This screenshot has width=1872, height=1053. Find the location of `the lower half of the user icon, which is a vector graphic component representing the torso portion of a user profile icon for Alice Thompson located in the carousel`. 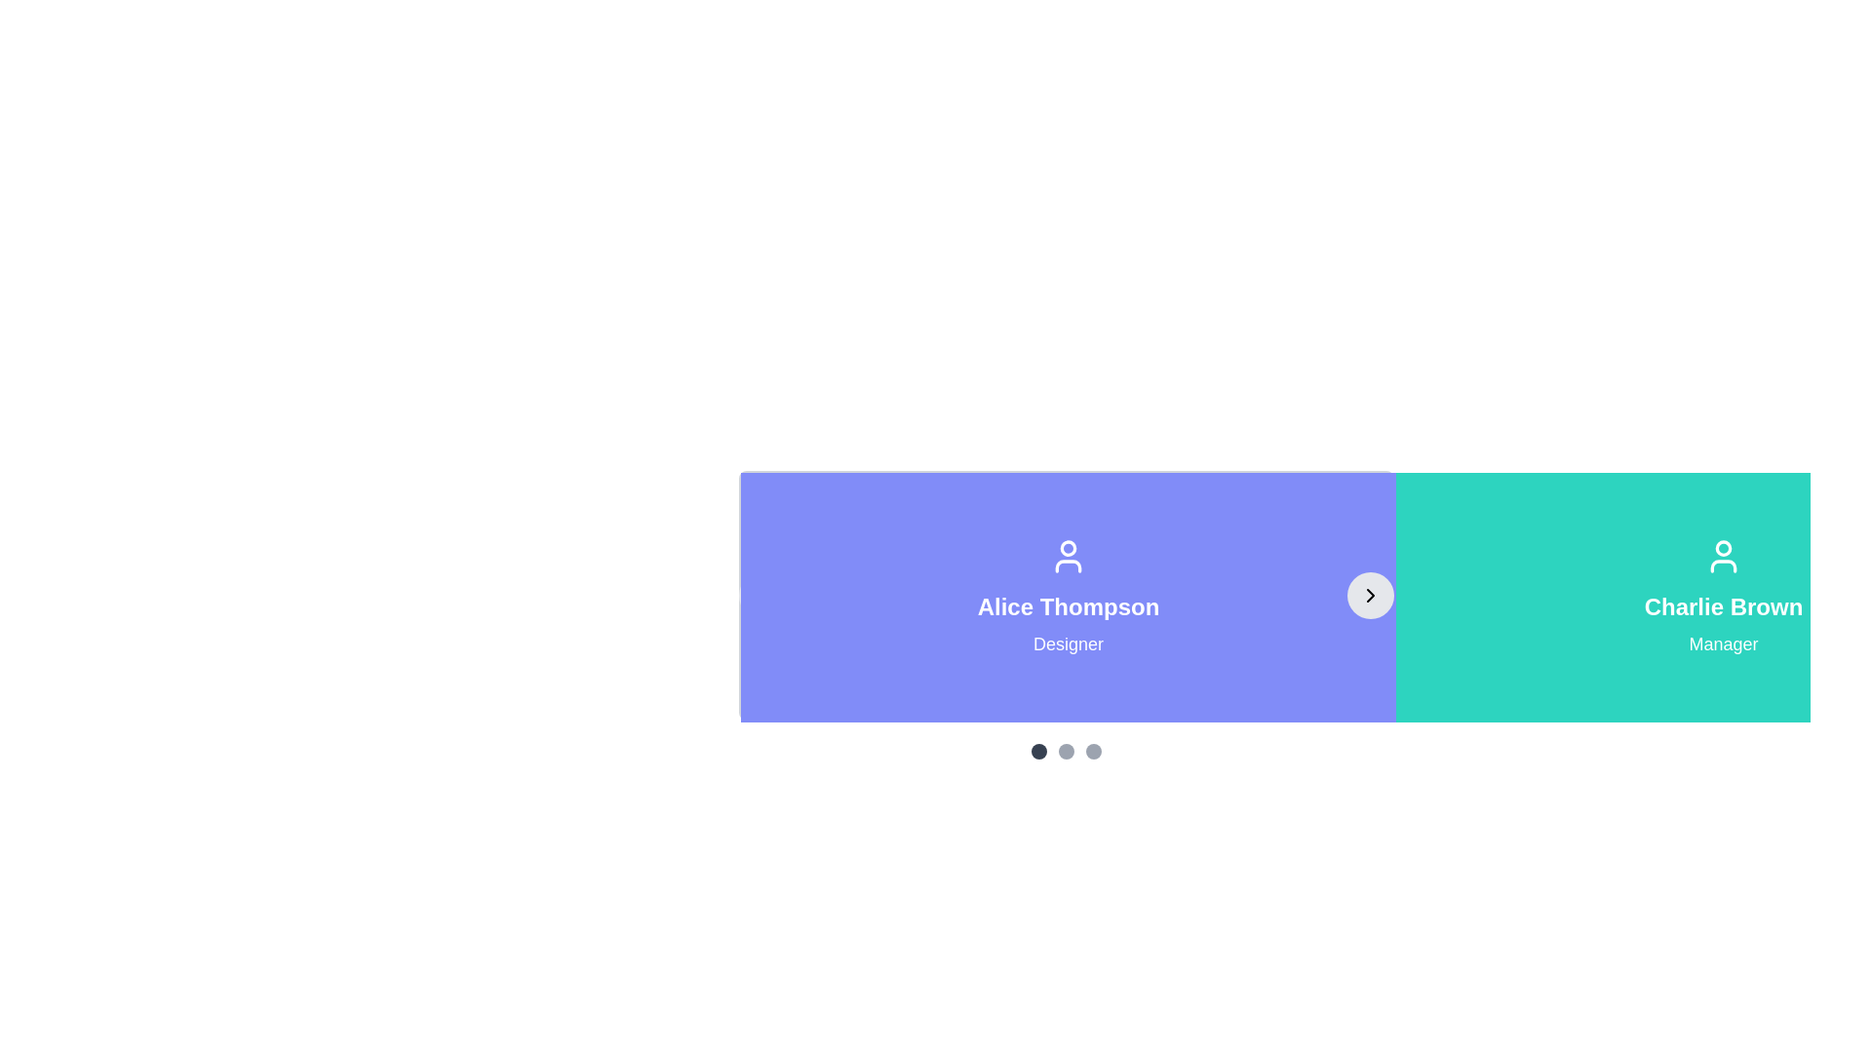

the lower half of the user icon, which is a vector graphic component representing the torso portion of a user profile icon for Alice Thompson located in the carousel is located at coordinates (1067, 566).